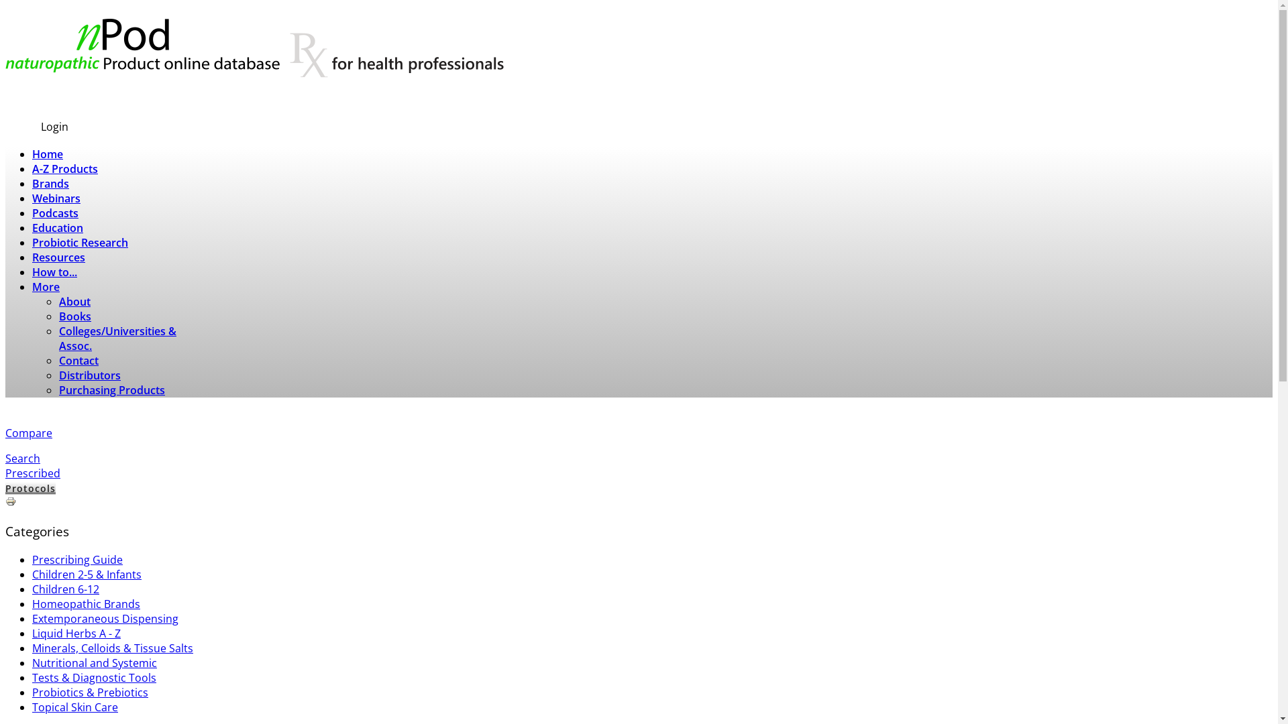  Describe the element at coordinates (48, 154) in the screenshot. I see `'Home'` at that location.